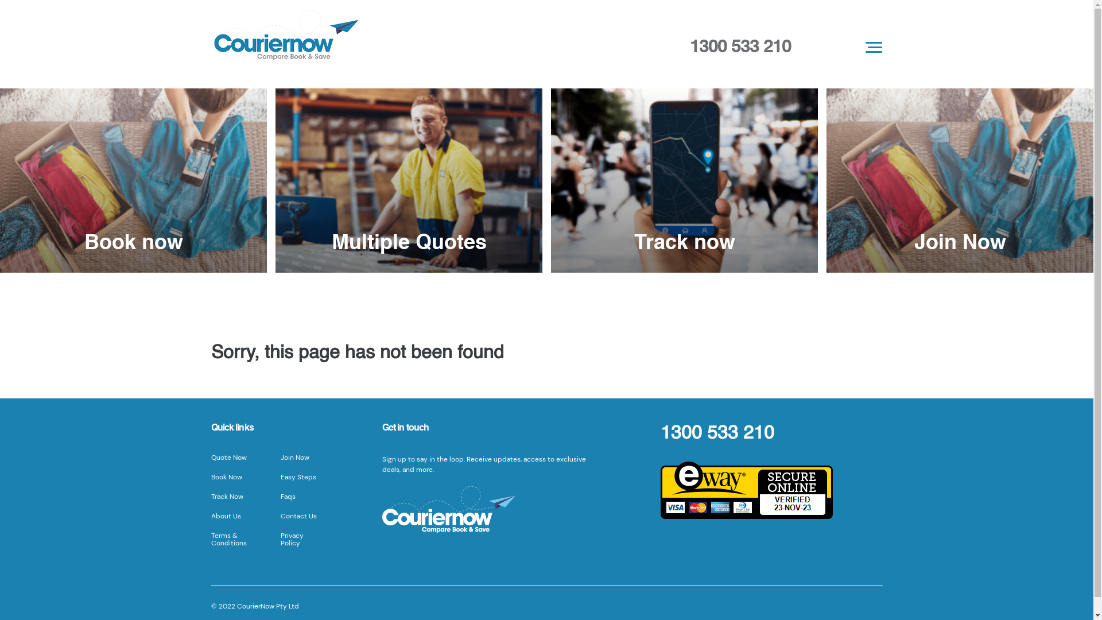 This screenshot has width=1102, height=620. I want to click on 'Easy Steps', so click(298, 476).